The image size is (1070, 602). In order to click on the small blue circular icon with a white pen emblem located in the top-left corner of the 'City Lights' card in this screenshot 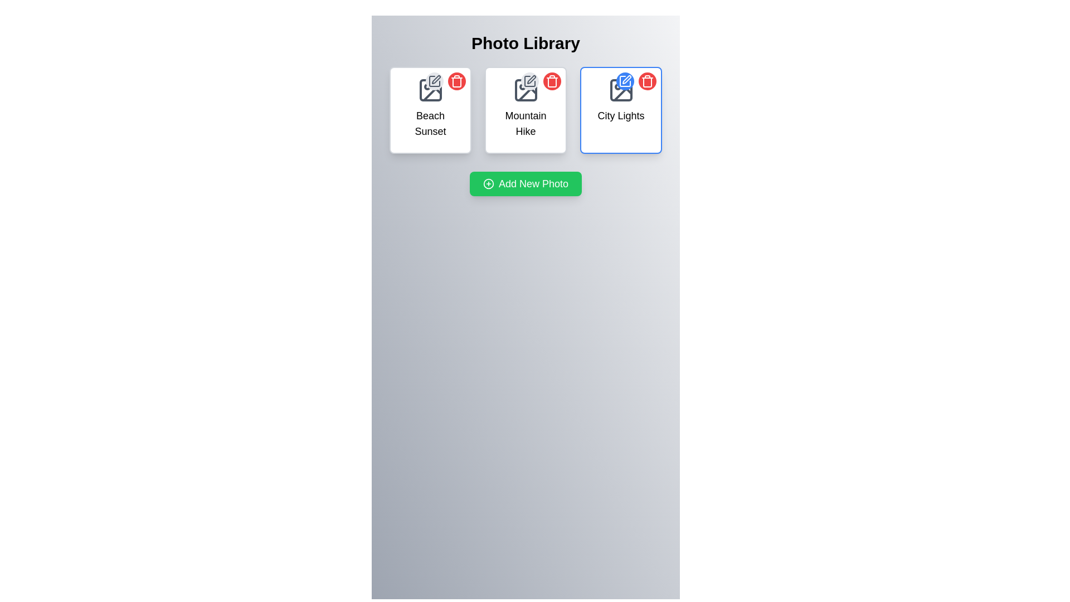, I will do `click(625, 81)`.